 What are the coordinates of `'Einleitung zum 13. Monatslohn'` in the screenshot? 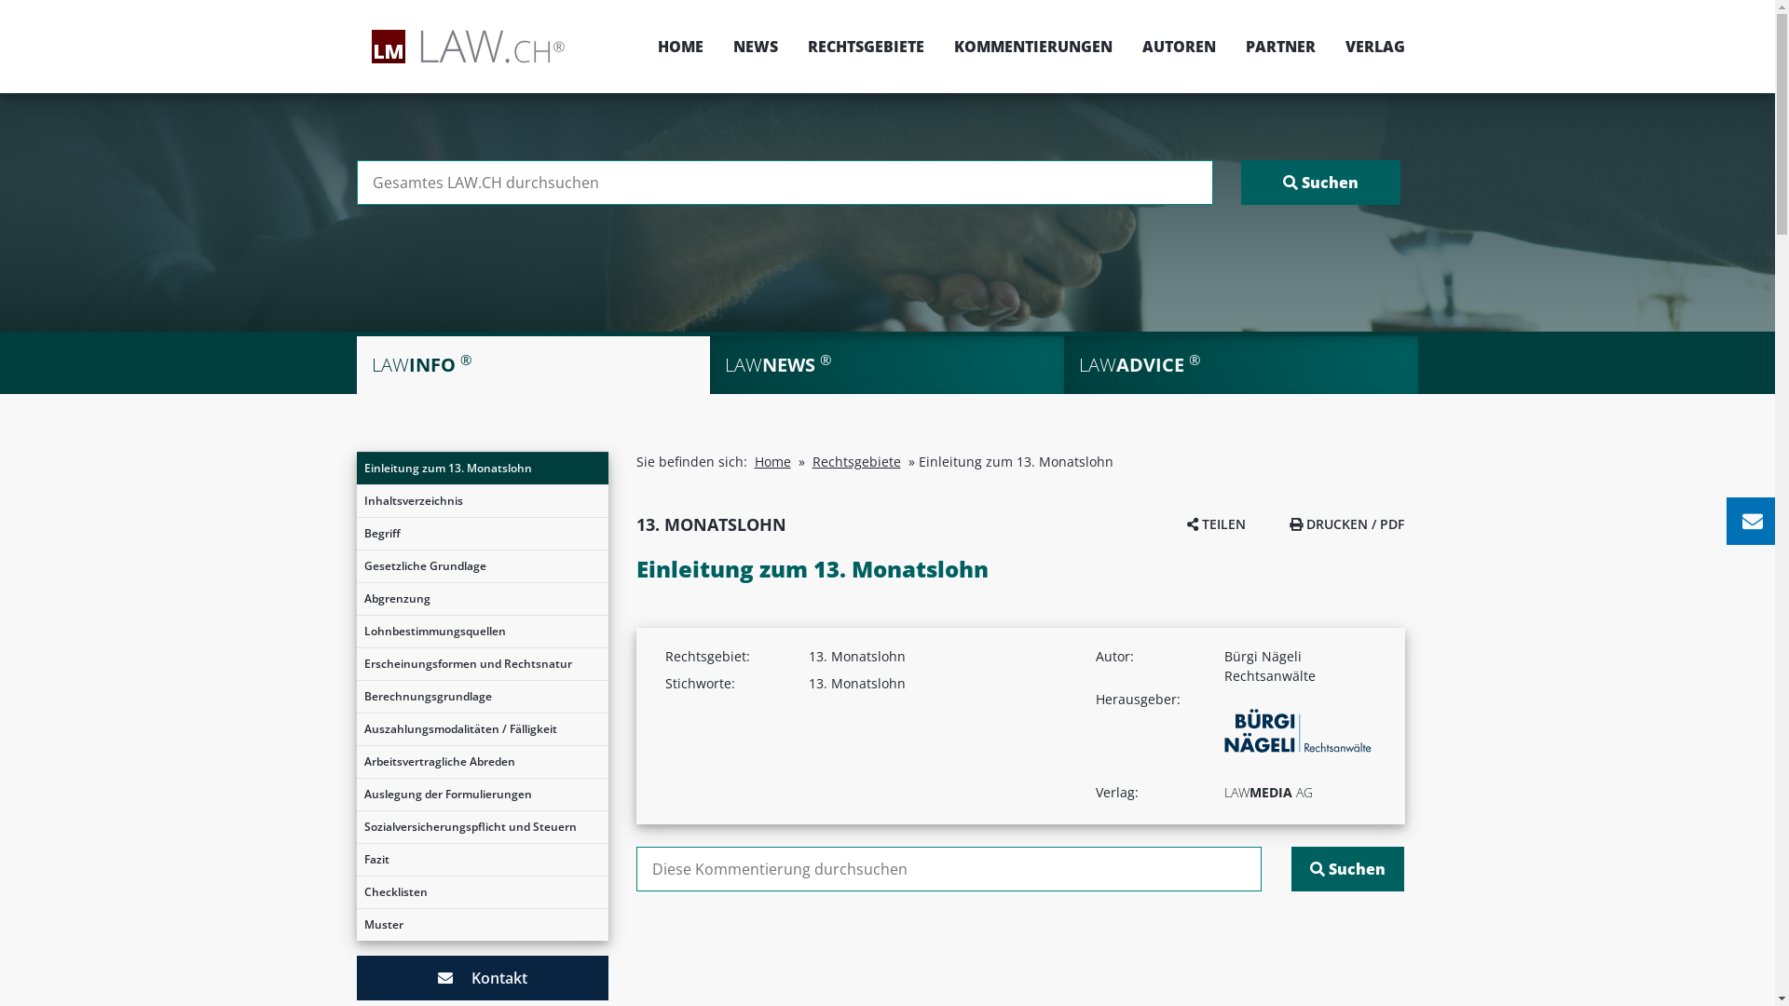 It's located at (356, 467).